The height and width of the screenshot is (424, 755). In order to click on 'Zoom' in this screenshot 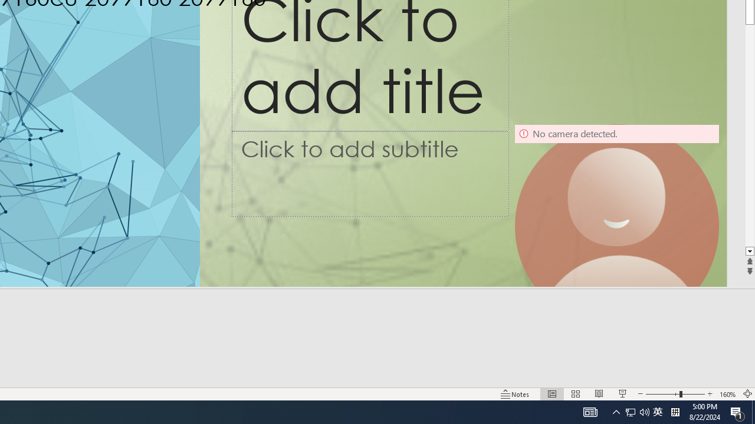, I will do `click(675, 394)`.